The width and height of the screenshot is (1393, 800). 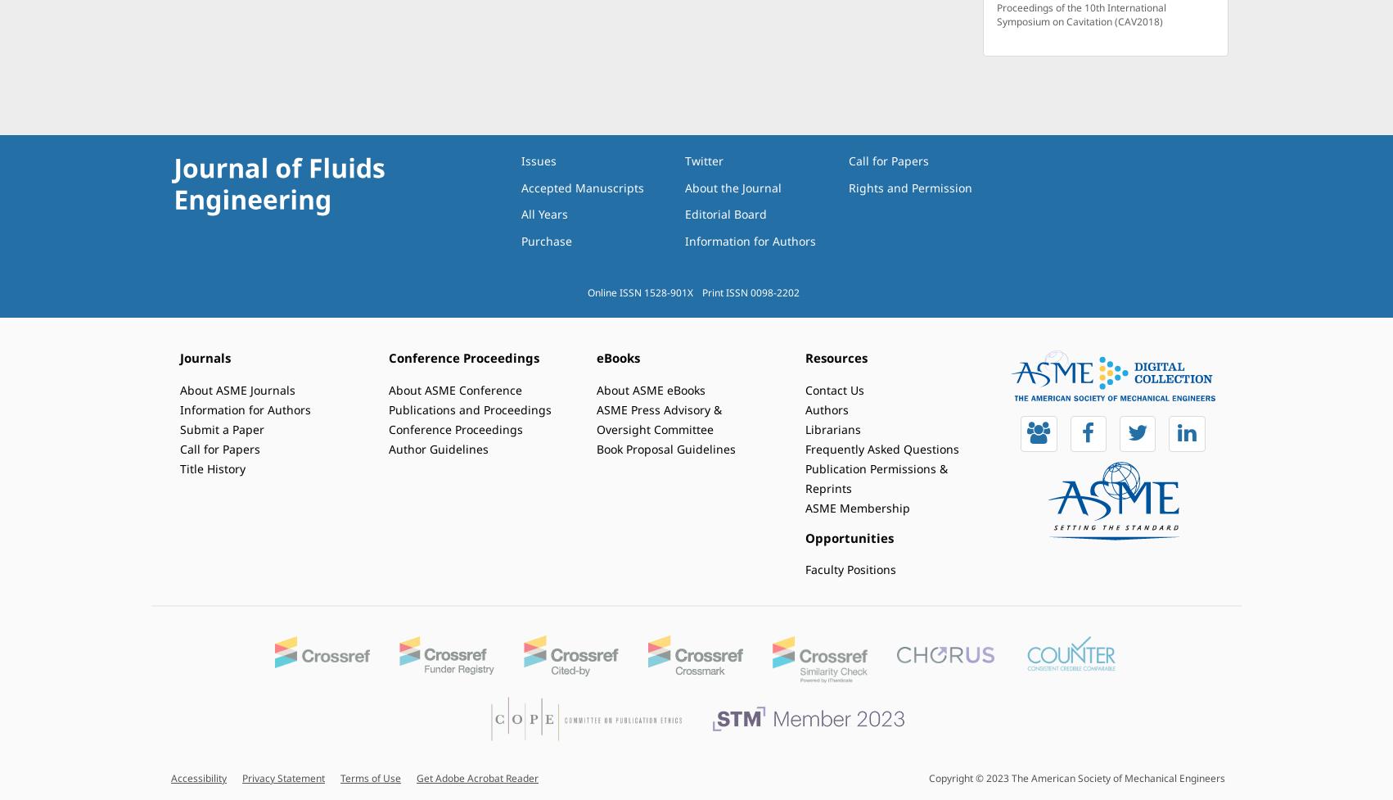 I want to click on 'Conference Proceedings', so click(x=462, y=358).